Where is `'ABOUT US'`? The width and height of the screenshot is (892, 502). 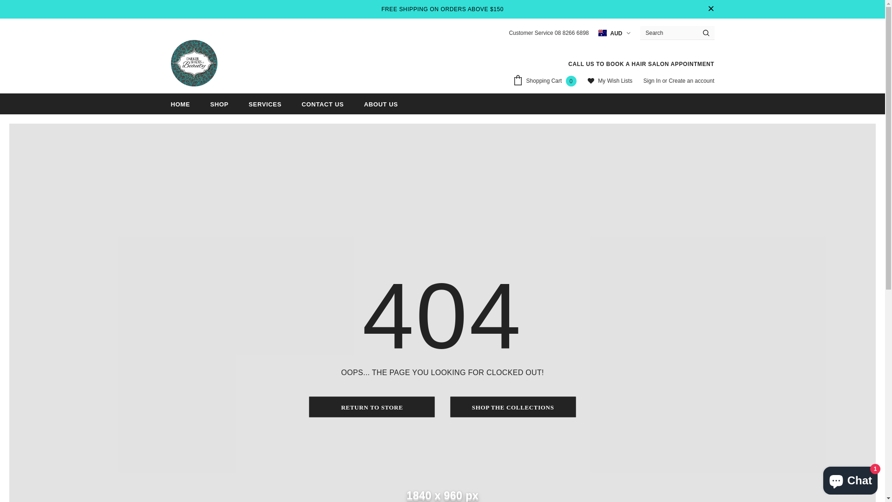 'ABOUT US' is located at coordinates (363, 104).